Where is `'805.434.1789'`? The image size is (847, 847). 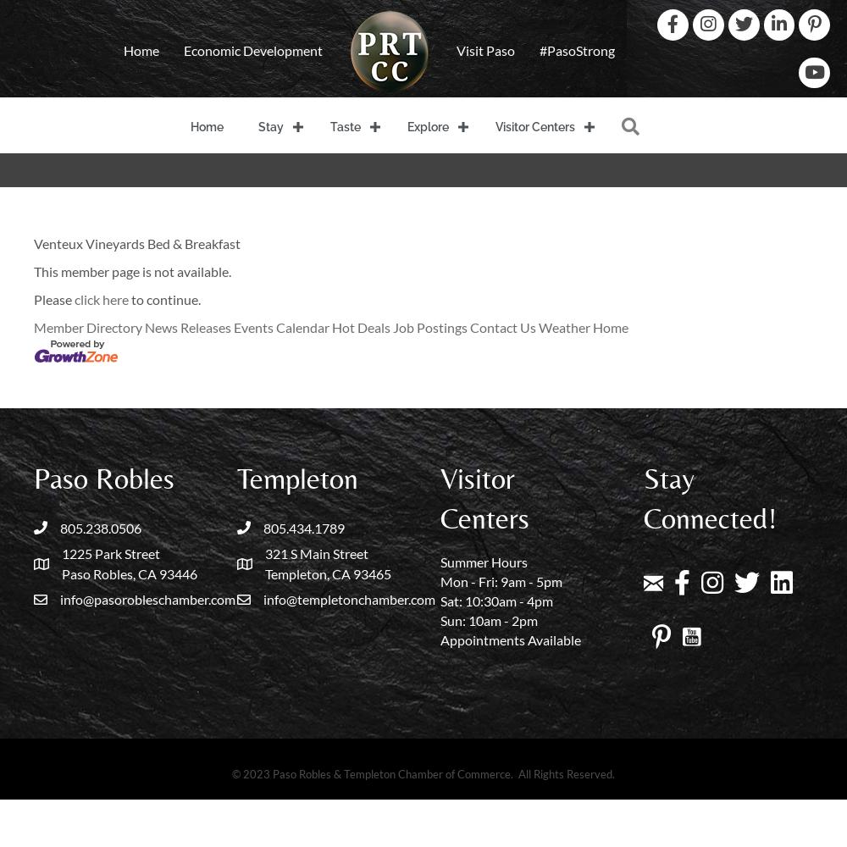 '805.434.1789' is located at coordinates (303, 526).